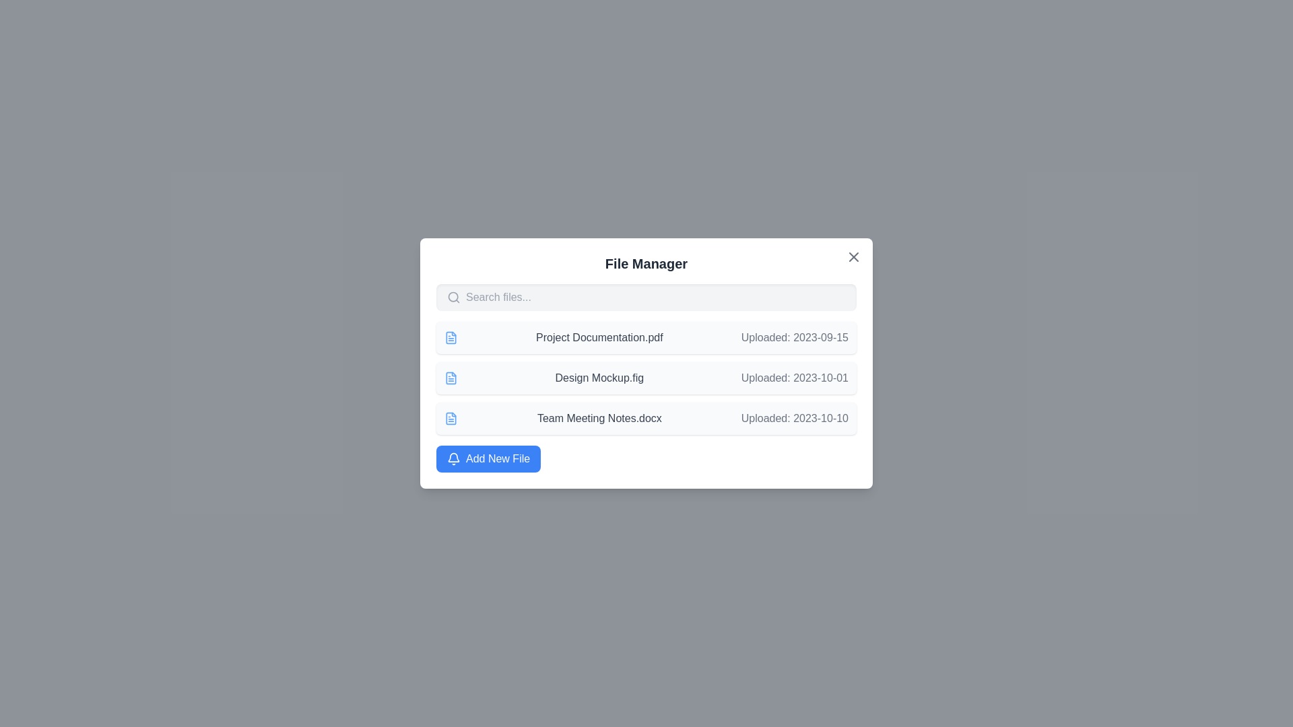 This screenshot has width=1293, height=727. Describe the element at coordinates (795, 378) in the screenshot. I see `text content of the Label displaying 'Uploaded: 2023-10-01', which is styled with a gray font color and positioned on the right side of the row containing 'Design Mockup.fig'` at that location.